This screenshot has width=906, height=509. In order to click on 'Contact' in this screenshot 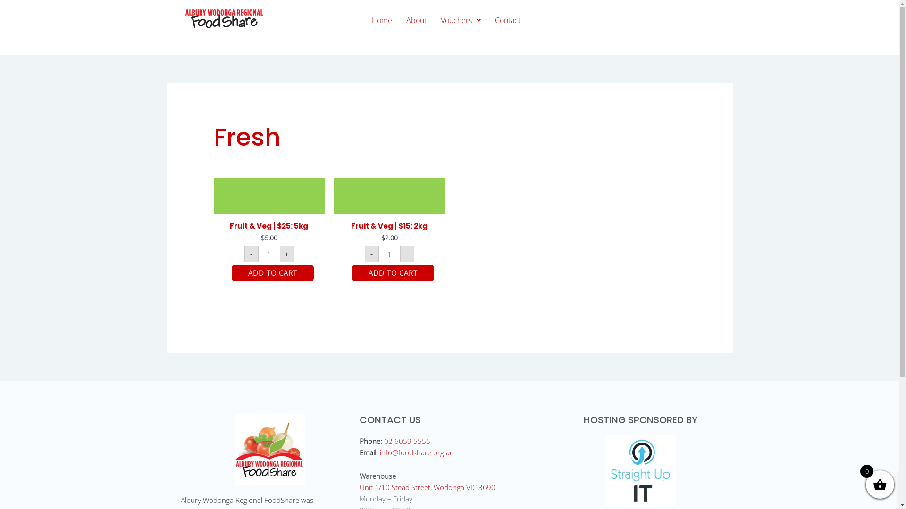, I will do `click(487, 20)`.